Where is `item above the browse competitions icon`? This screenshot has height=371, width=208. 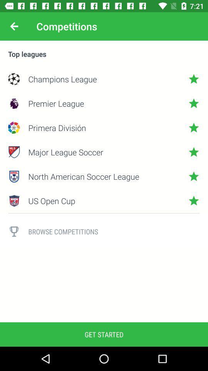
item above the browse competitions icon is located at coordinates (104, 213).